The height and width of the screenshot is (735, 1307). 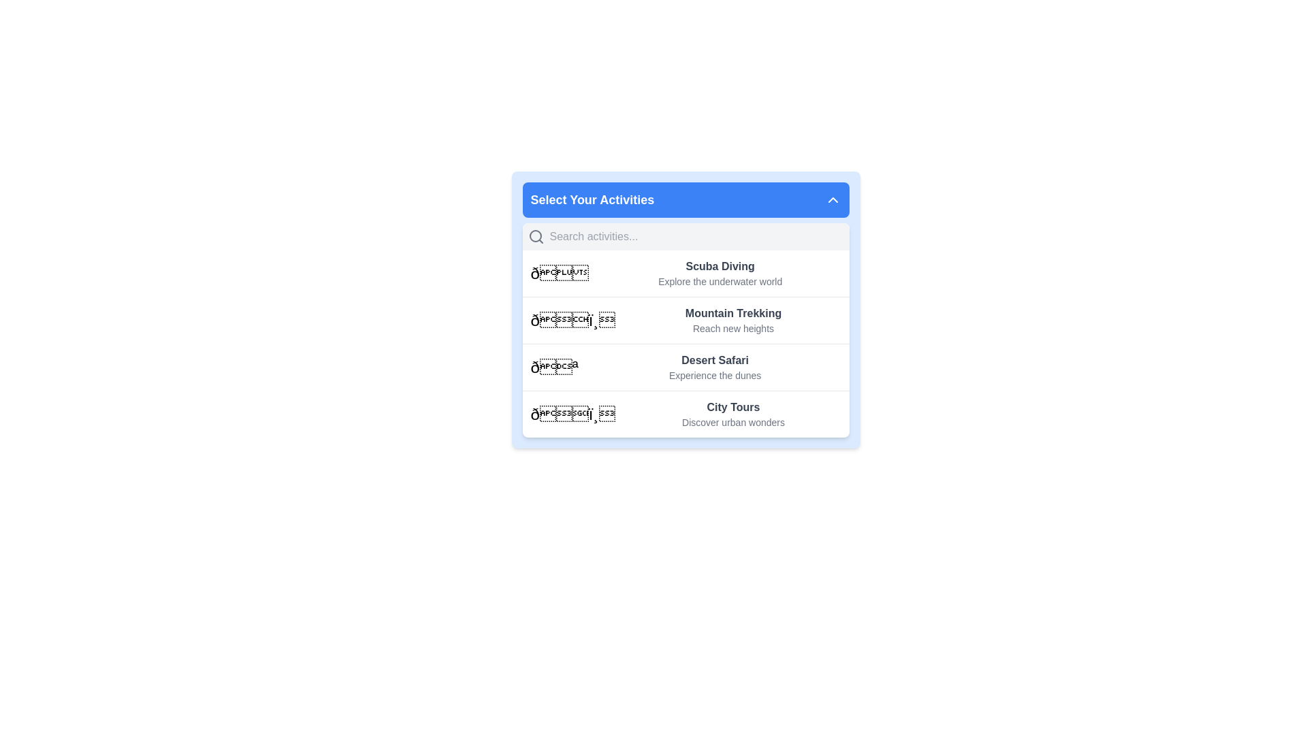 What do you see at coordinates (732, 422) in the screenshot?
I see `the Text Label that provides additional information about the 'City Tours' category, located beneath the title 'City Tours'` at bounding box center [732, 422].